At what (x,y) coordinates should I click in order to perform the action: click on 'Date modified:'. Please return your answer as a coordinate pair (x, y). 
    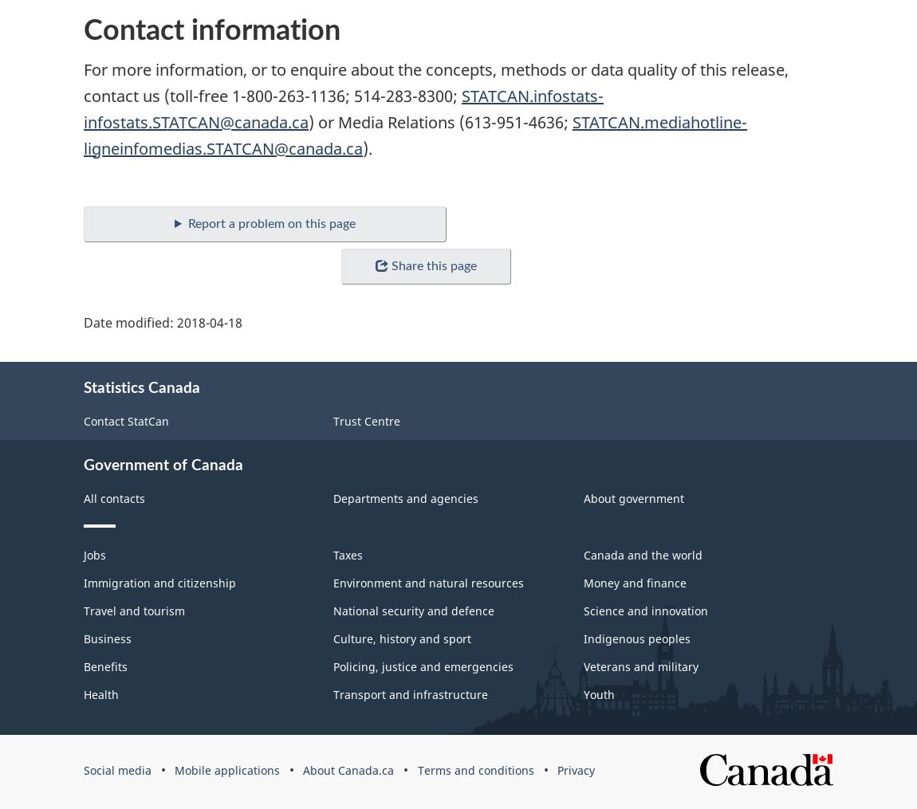
    Looking at the image, I should click on (129, 322).